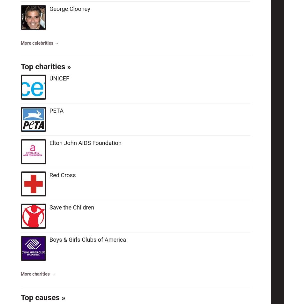 The width and height of the screenshot is (284, 304). What do you see at coordinates (59, 78) in the screenshot?
I see `'UNICEF'` at bounding box center [59, 78].